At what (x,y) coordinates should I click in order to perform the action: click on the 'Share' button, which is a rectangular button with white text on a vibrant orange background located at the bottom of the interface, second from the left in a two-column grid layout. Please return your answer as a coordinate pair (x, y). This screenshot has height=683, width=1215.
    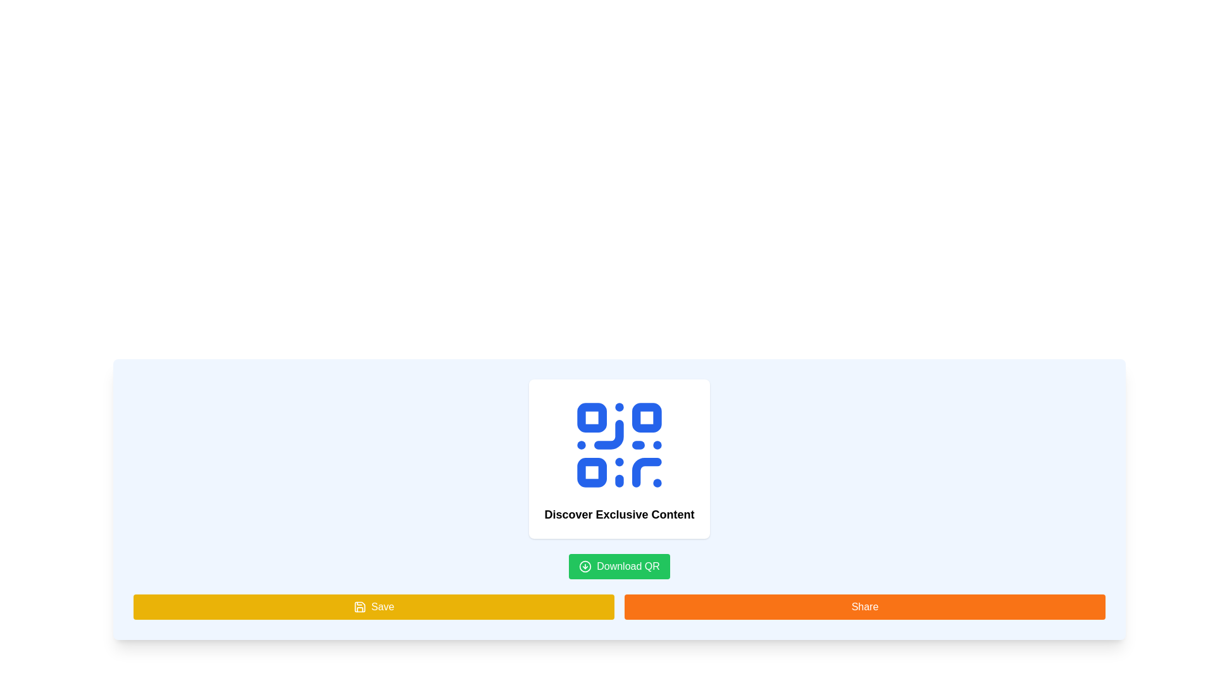
    Looking at the image, I should click on (864, 606).